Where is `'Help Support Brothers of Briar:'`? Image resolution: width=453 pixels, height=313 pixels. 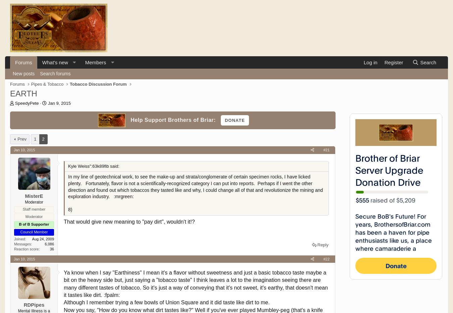 'Help Support Brothers of Briar:' is located at coordinates (172, 120).